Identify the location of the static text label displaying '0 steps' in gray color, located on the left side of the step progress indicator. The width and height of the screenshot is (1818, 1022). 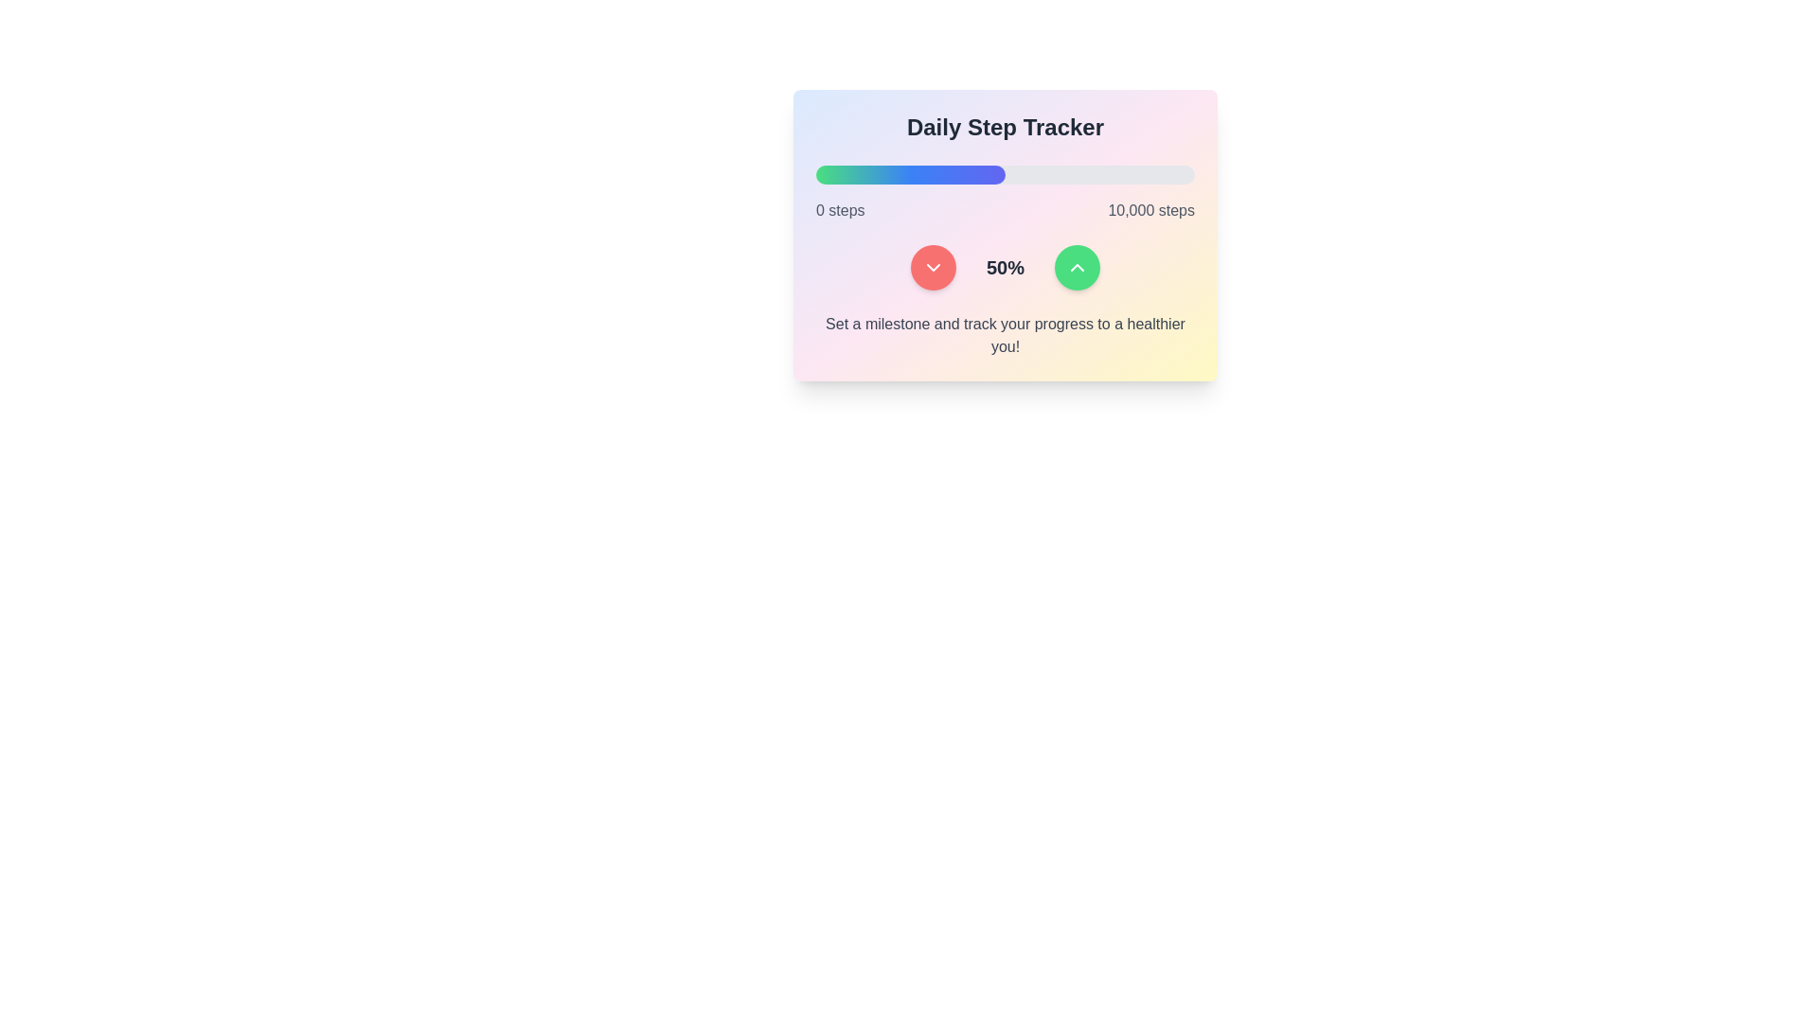
(839, 211).